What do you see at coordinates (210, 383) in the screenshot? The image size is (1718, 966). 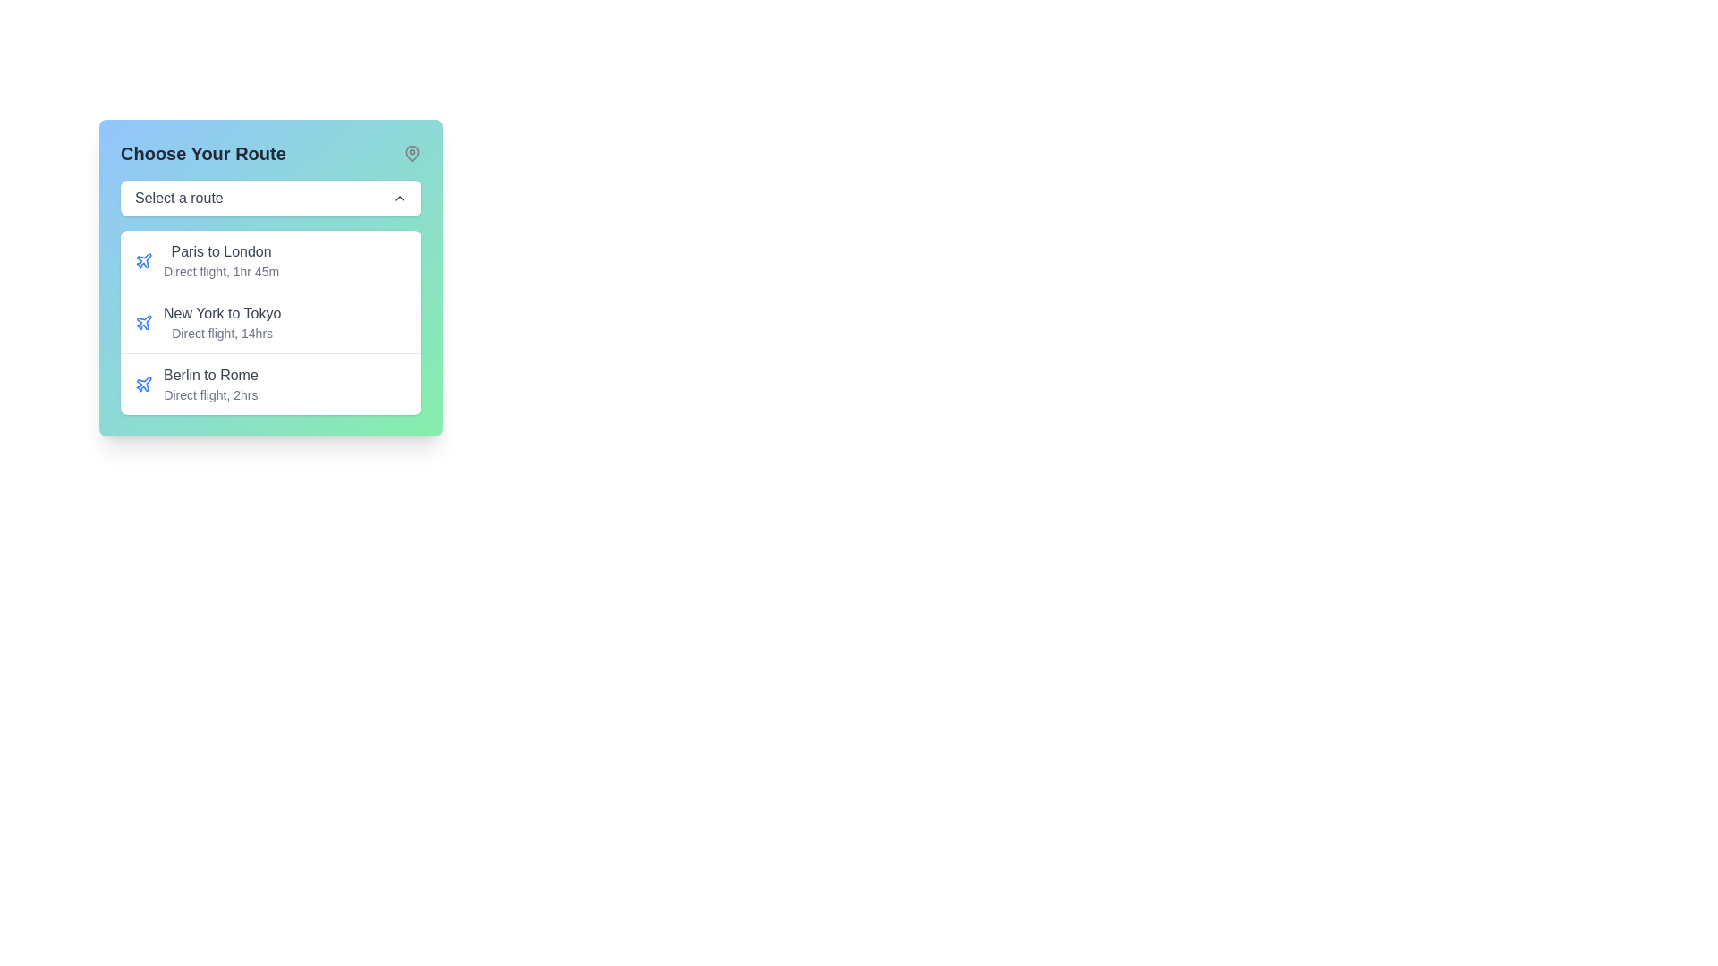 I see `text block containing 'Berlin to Rome' and 'Direct flight, 2hrs' in the dropdown menu labeled 'Choose Your Route'` at bounding box center [210, 383].